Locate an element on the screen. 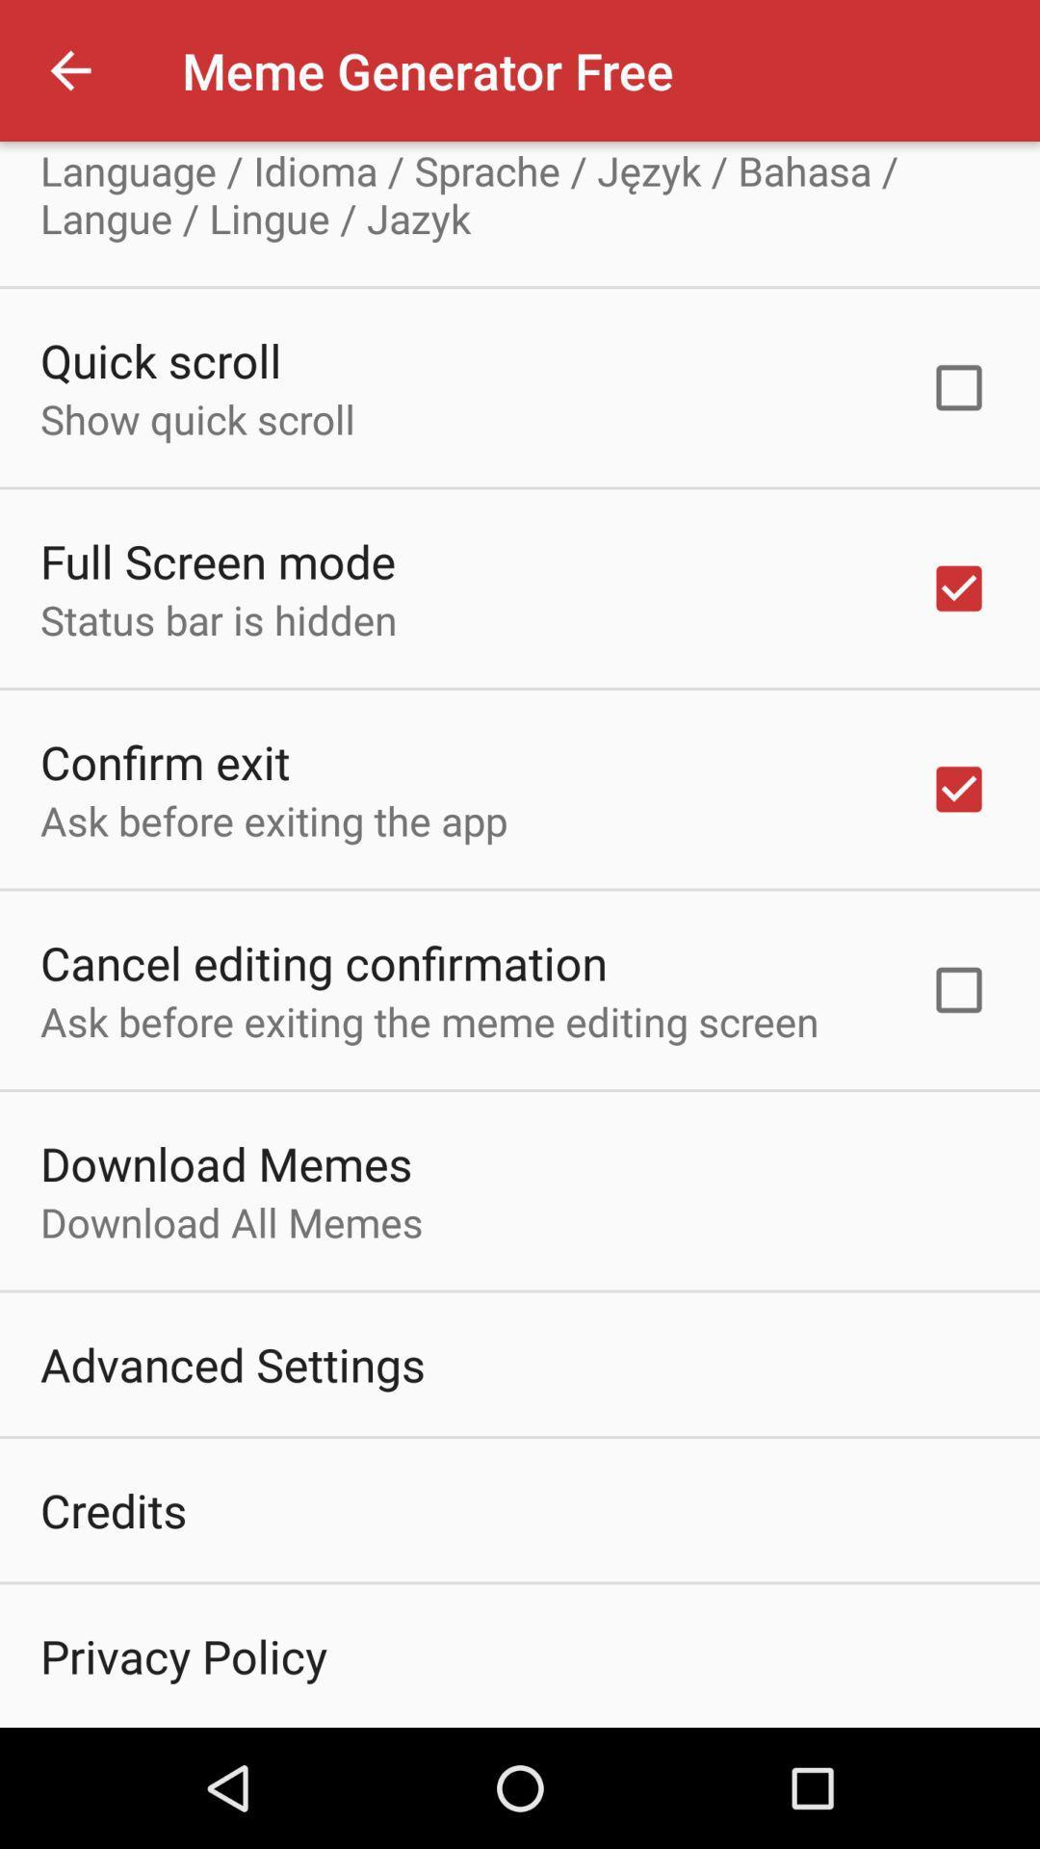 The width and height of the screenshot is (1040, 1849). item next to meme generator free is located at coordinates (69, 70).